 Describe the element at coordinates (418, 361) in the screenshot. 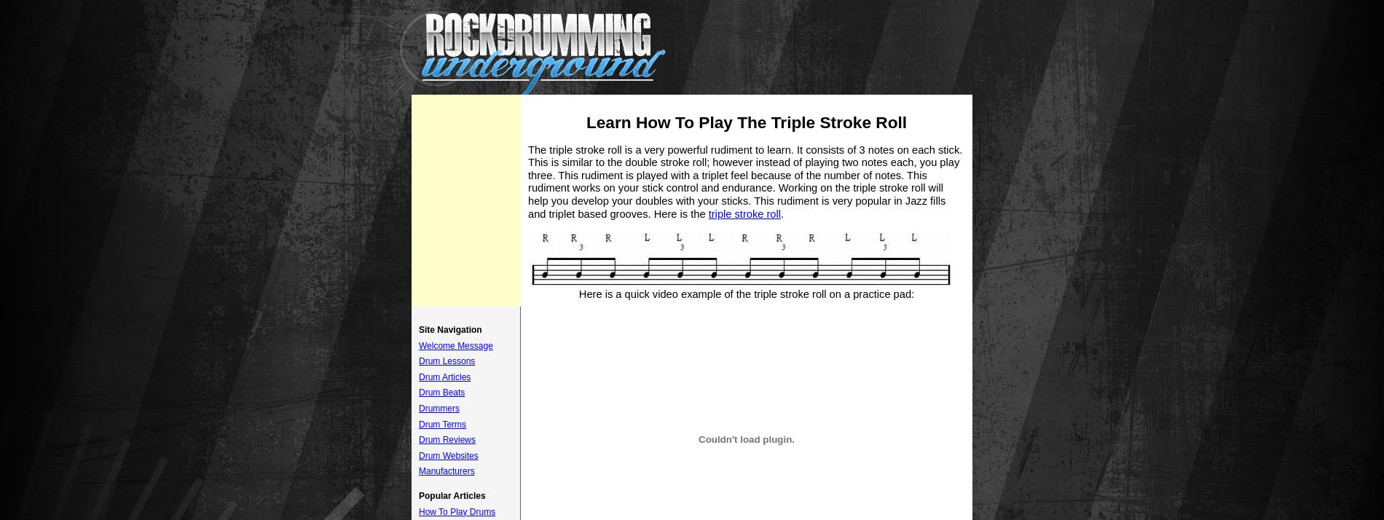

I see `'Drum Lessons'` at that location.